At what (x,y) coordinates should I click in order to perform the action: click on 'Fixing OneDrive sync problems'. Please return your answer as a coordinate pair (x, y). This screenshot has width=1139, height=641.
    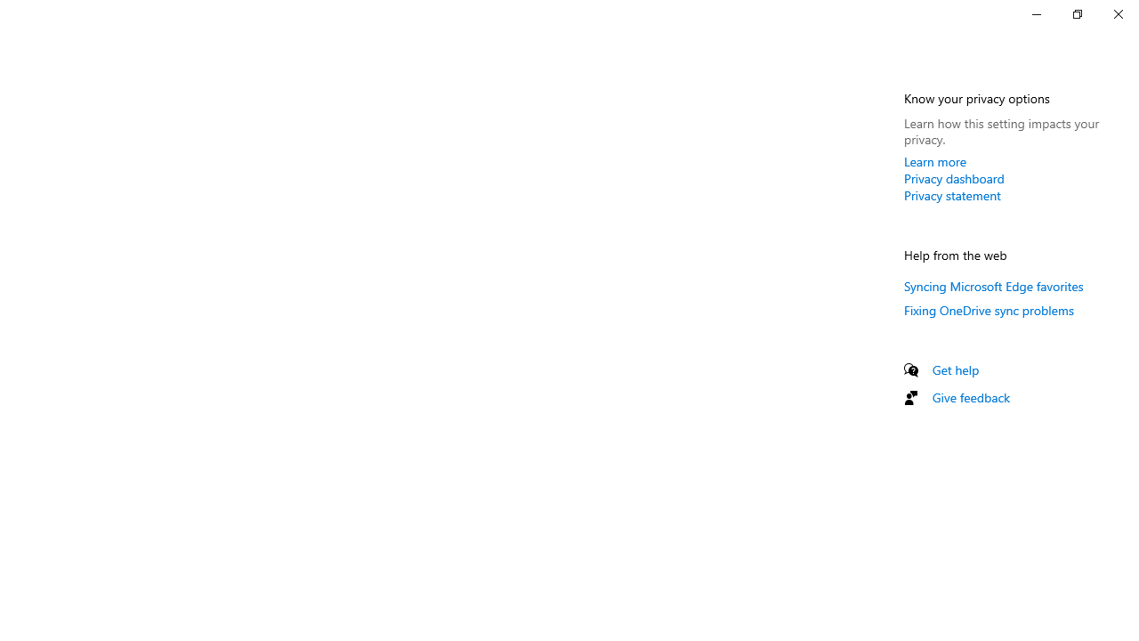
    Looking at the image, I should click on (988, 309).